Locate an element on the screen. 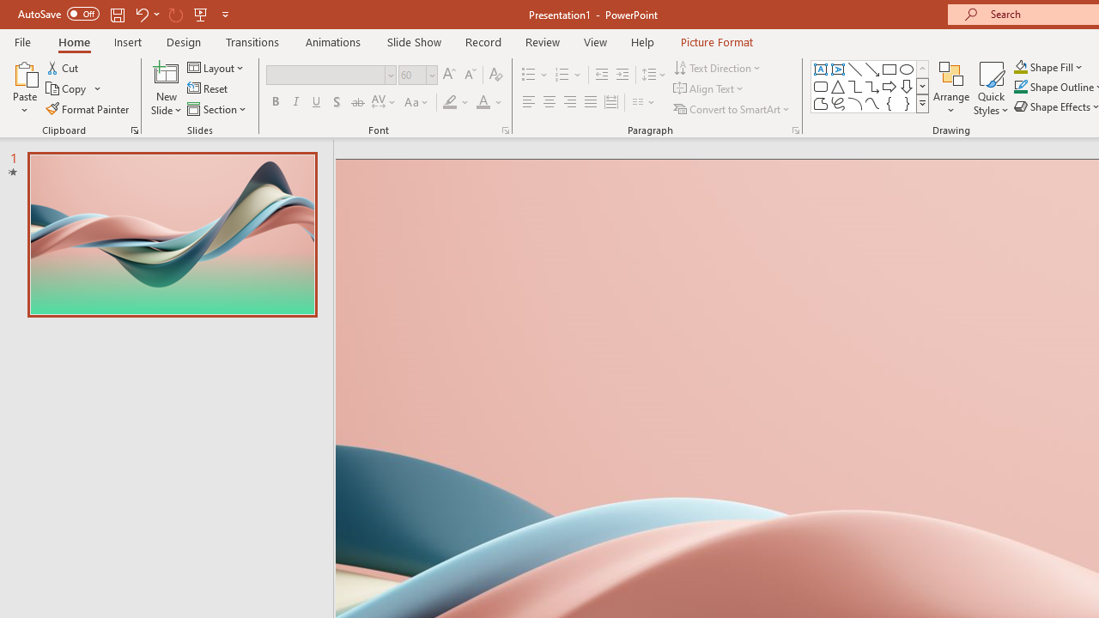  'Picture Format' is located at coordinates (717, 41).